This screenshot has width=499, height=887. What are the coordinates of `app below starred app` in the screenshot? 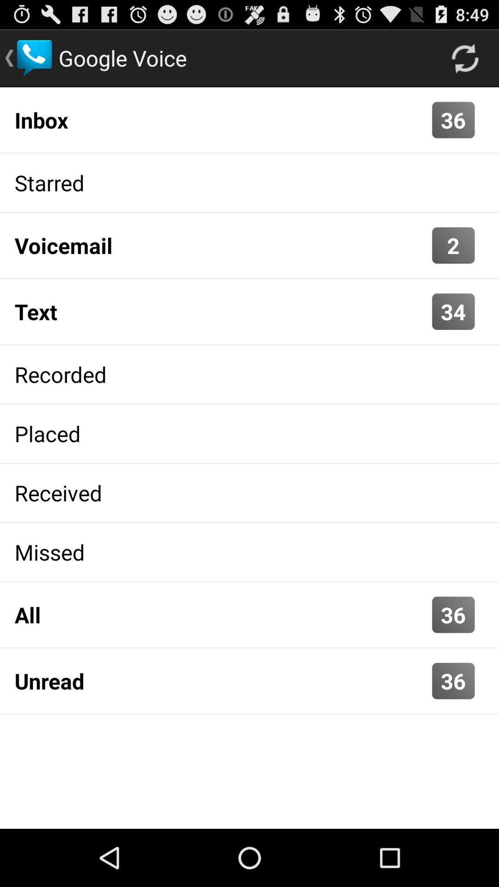 It's located at (221, 245).